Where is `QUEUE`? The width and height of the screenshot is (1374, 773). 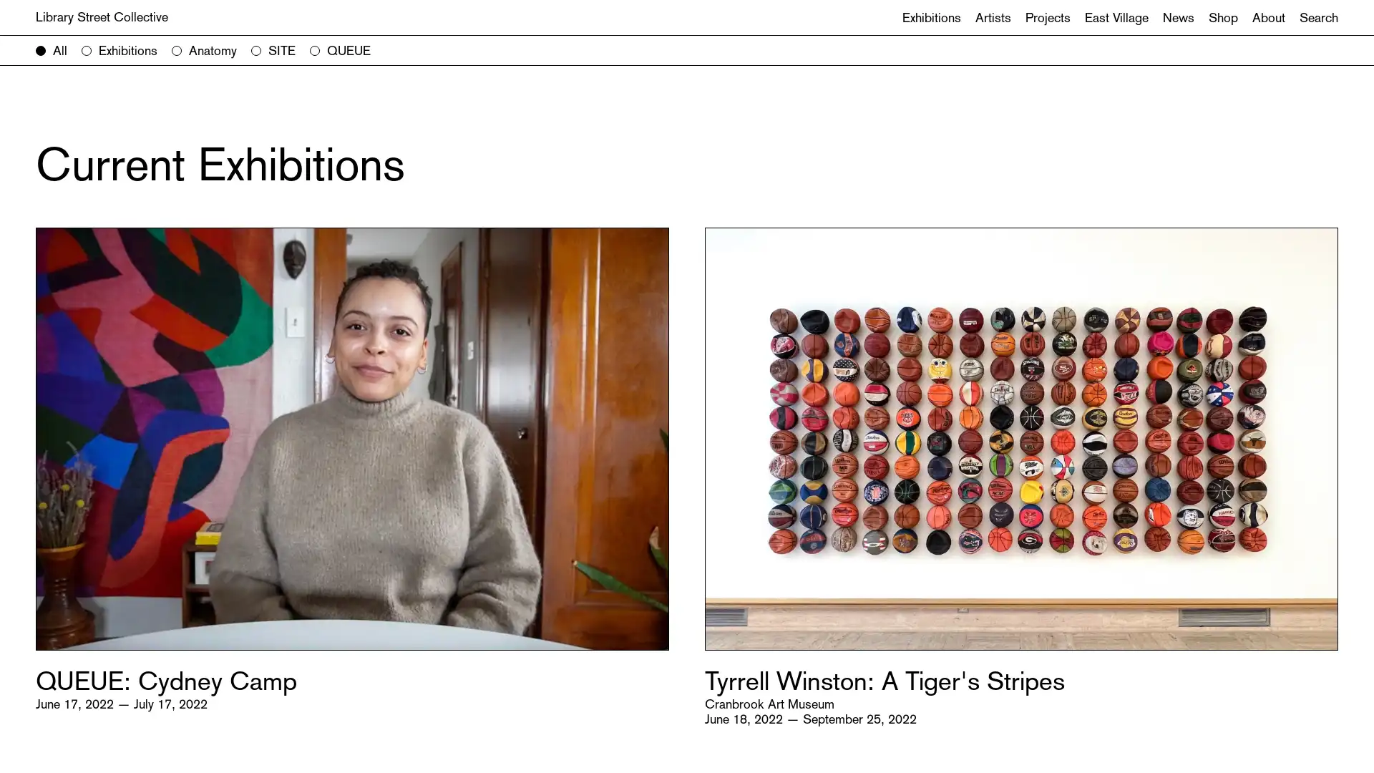 QUEUE is located at coordinates (339, 49).